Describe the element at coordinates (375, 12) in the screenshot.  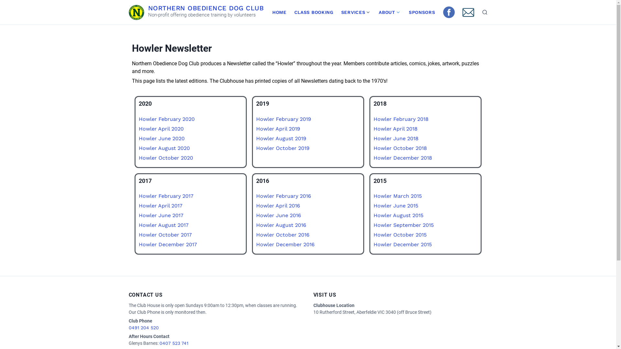
I see `'ABOUT'` at that location.